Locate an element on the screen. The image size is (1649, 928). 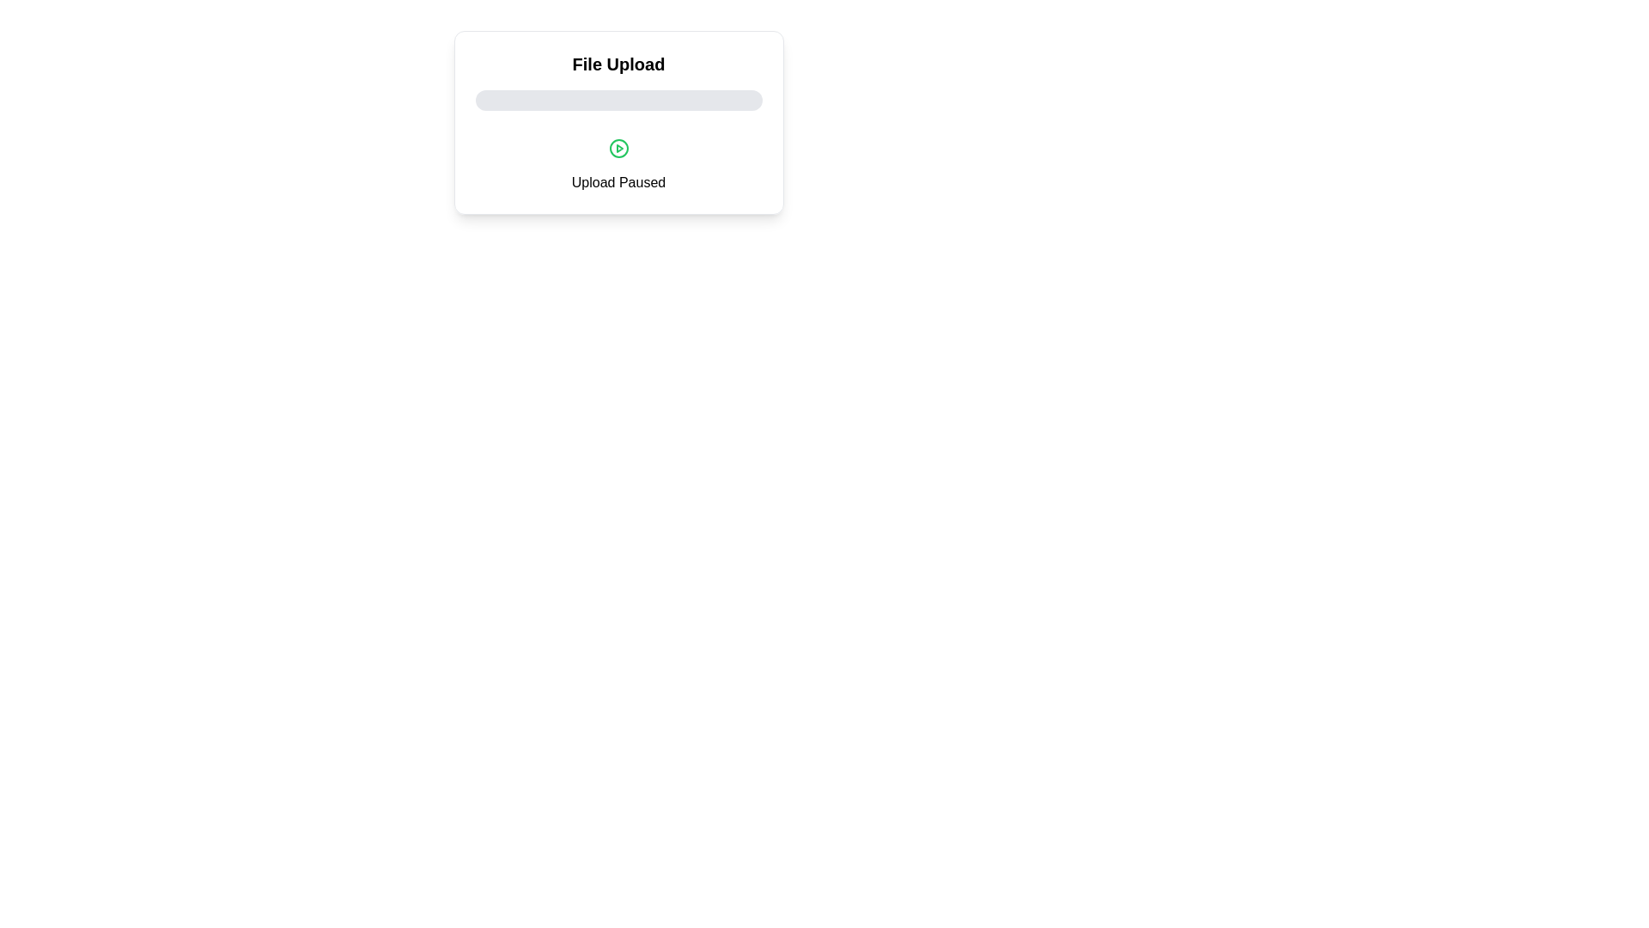
the green circular play icon, which is a distinct interactive component positioned between the progress bar and the text 'Upload Paused' is located at coordinates (618, 148).